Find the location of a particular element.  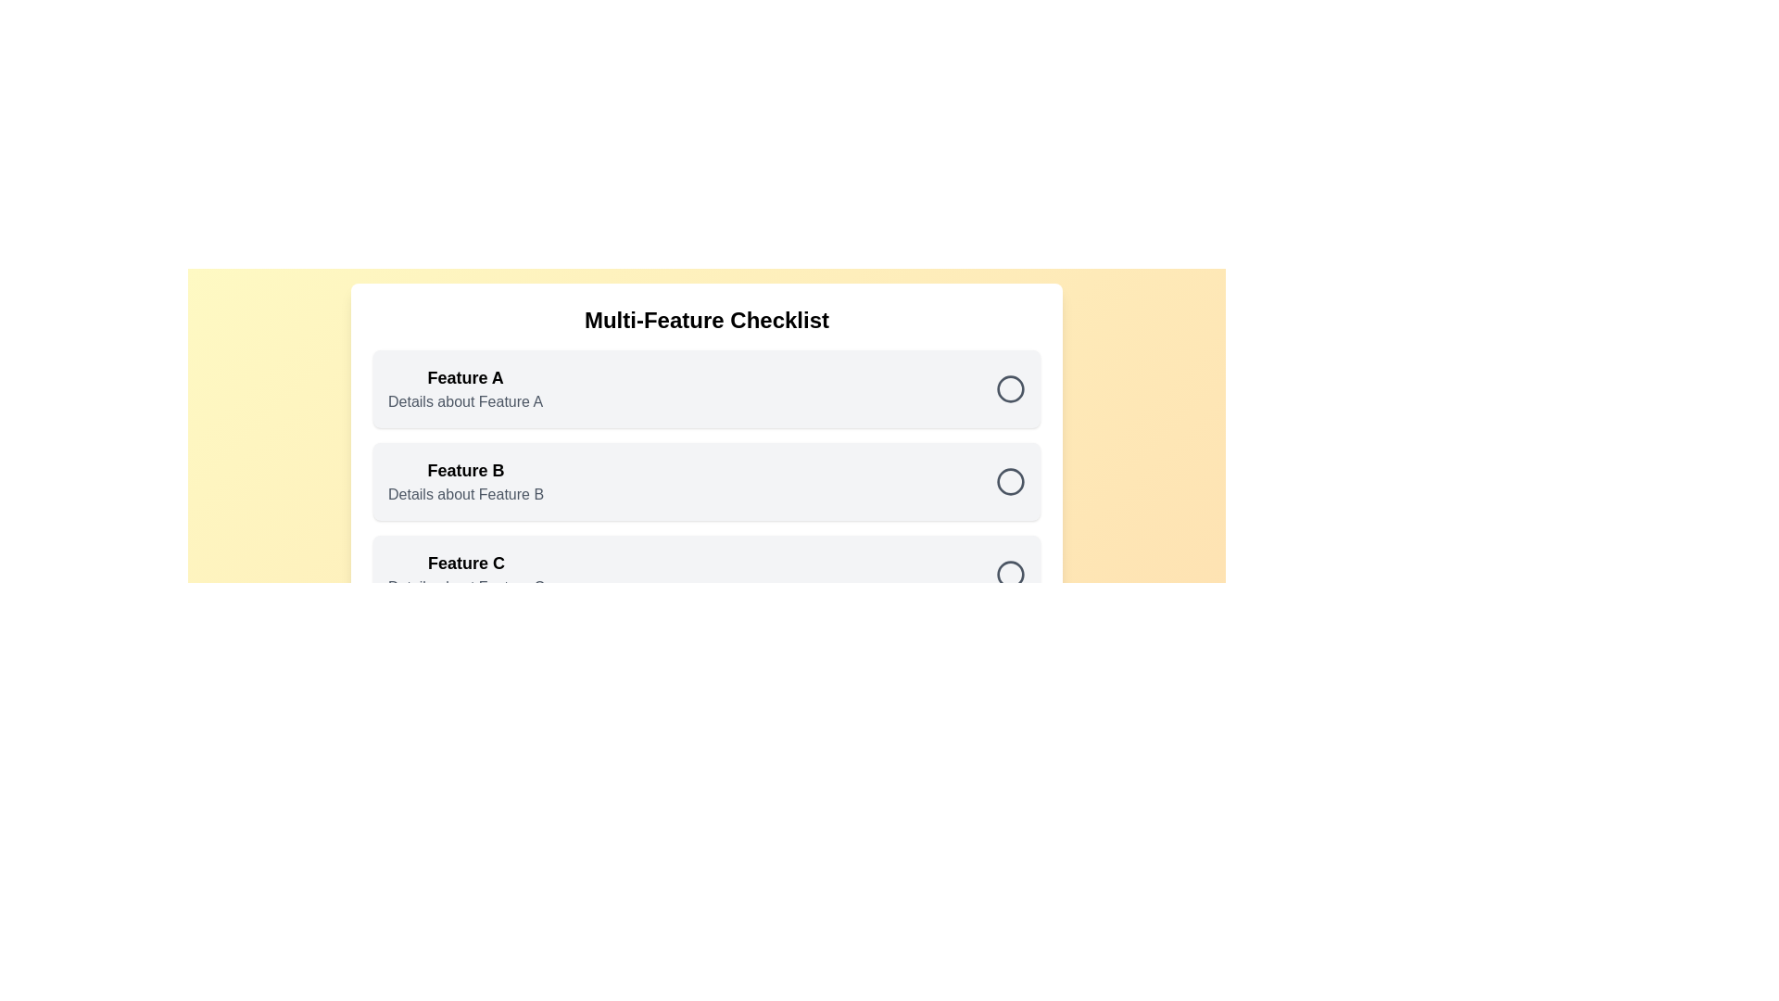

the checklist item Feature A is located at coordinates (1009, 388).